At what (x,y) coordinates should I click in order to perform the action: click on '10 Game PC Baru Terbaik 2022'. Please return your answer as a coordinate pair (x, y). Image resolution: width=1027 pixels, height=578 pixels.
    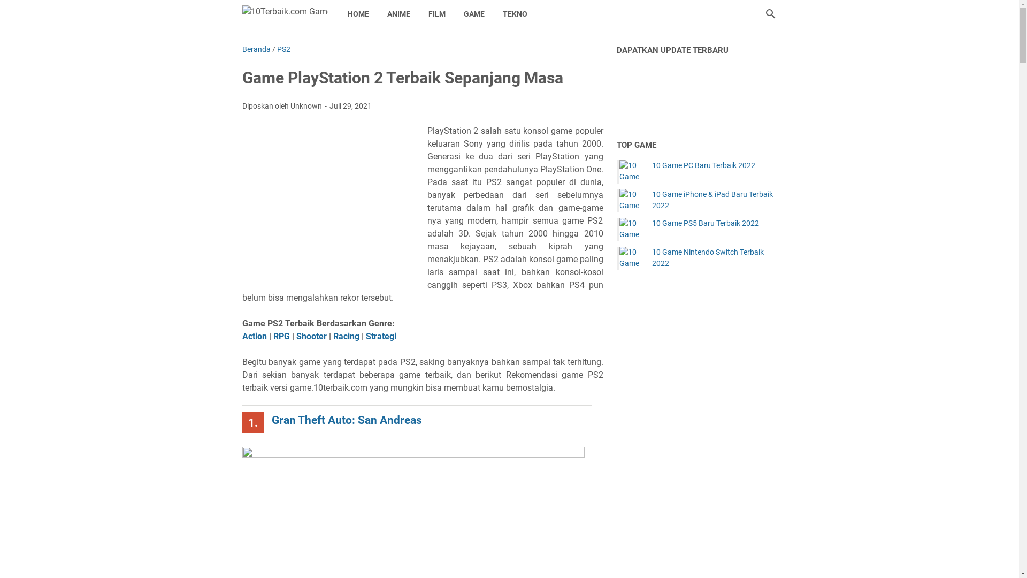
    Looking at the image, I should click on (651, 165).